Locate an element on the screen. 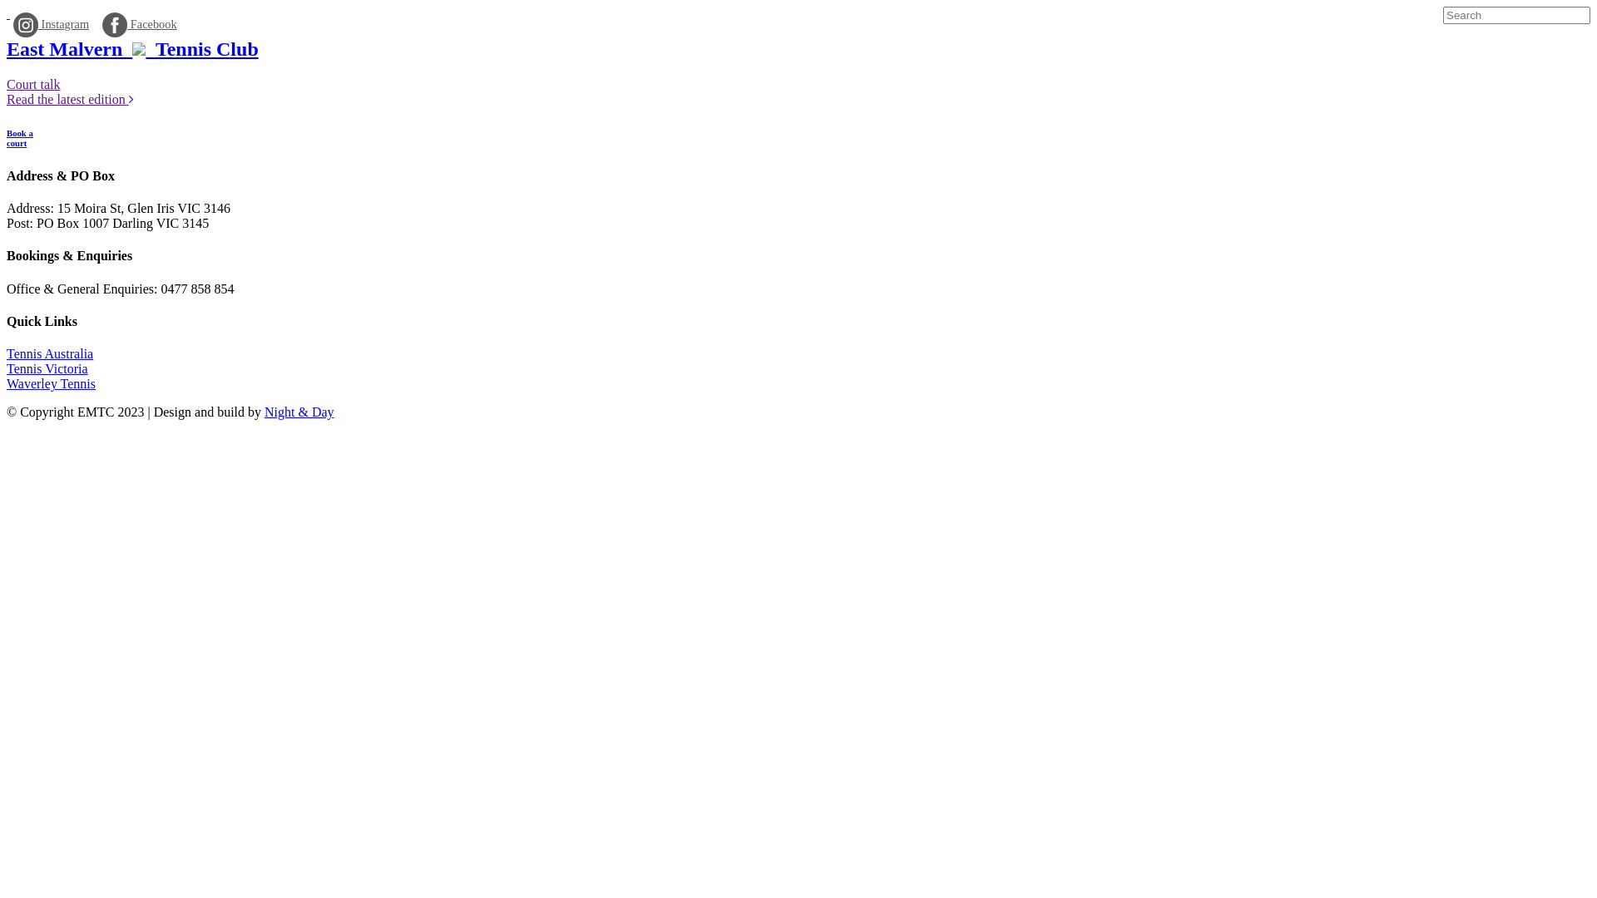 This screenshot has height=898, width=1597. ' ' is located at coordinates (7, 13).